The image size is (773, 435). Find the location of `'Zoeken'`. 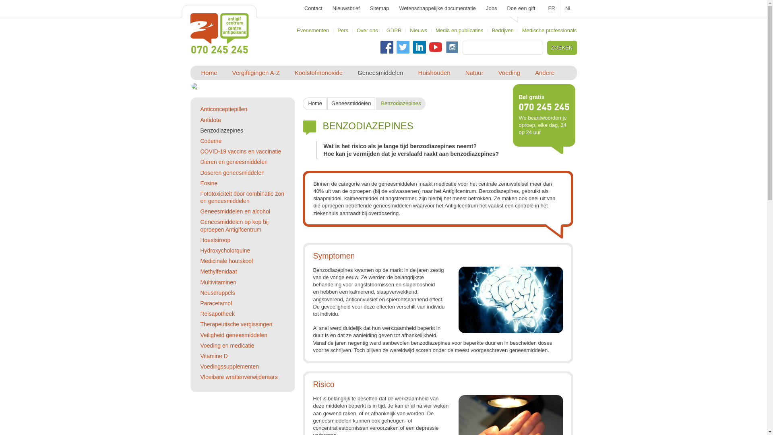

'Zoeken' is located at coordinates (549, 48).